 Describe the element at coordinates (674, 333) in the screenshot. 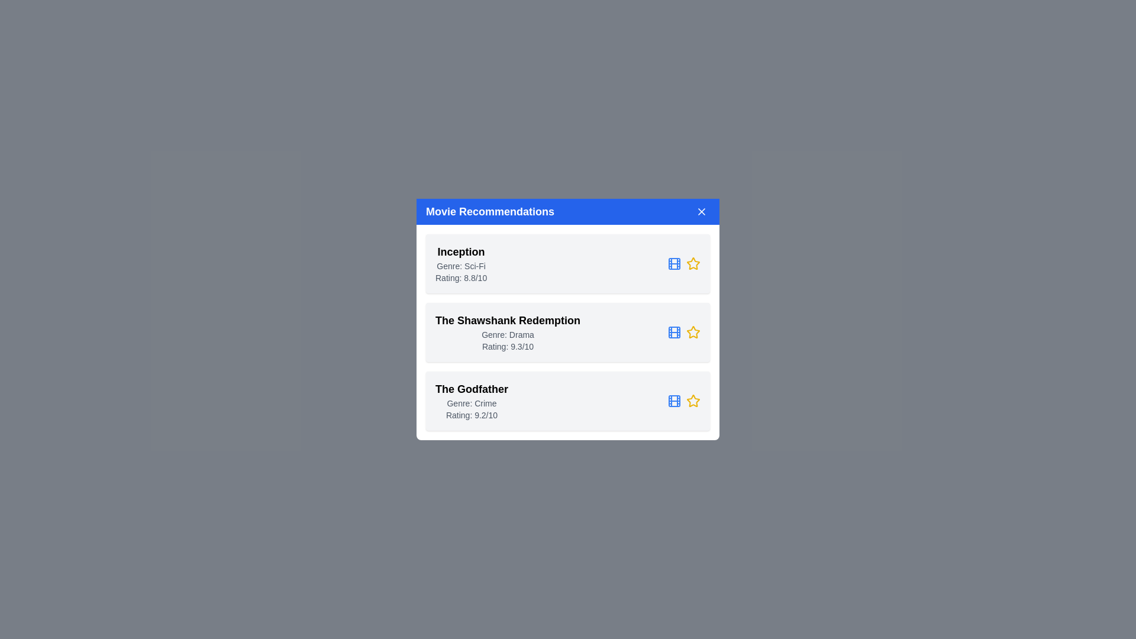

I see `the Film icon for the movie The Shawshank Redemption` at that location.